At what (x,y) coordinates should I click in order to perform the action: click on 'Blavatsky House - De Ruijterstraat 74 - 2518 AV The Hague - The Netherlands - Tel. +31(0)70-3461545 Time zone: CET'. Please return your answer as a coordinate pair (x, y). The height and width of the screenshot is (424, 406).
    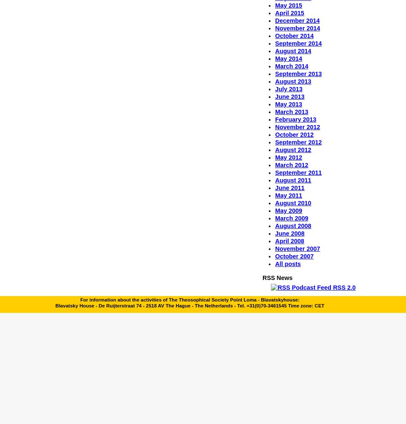
    Looking at the image, I should click on (55, 304).